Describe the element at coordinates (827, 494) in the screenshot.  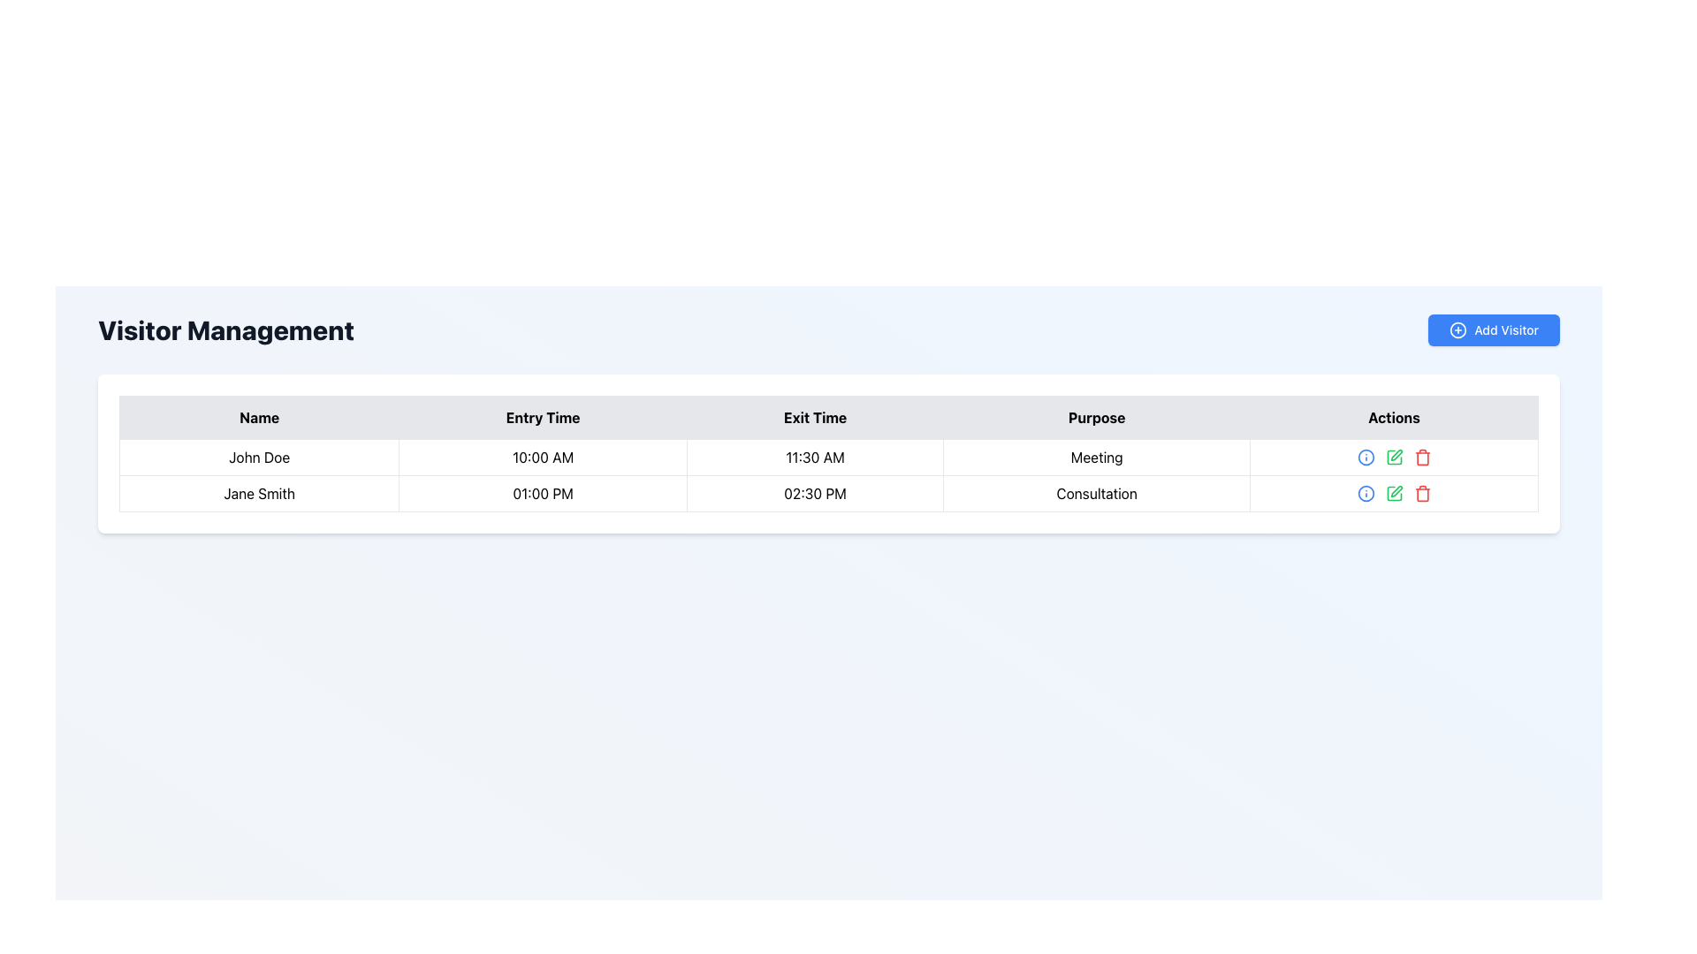
I see `the second row of the visitor management system table, which displays the visitor's name, entry and exit times, and purpose of the visit` at that location.